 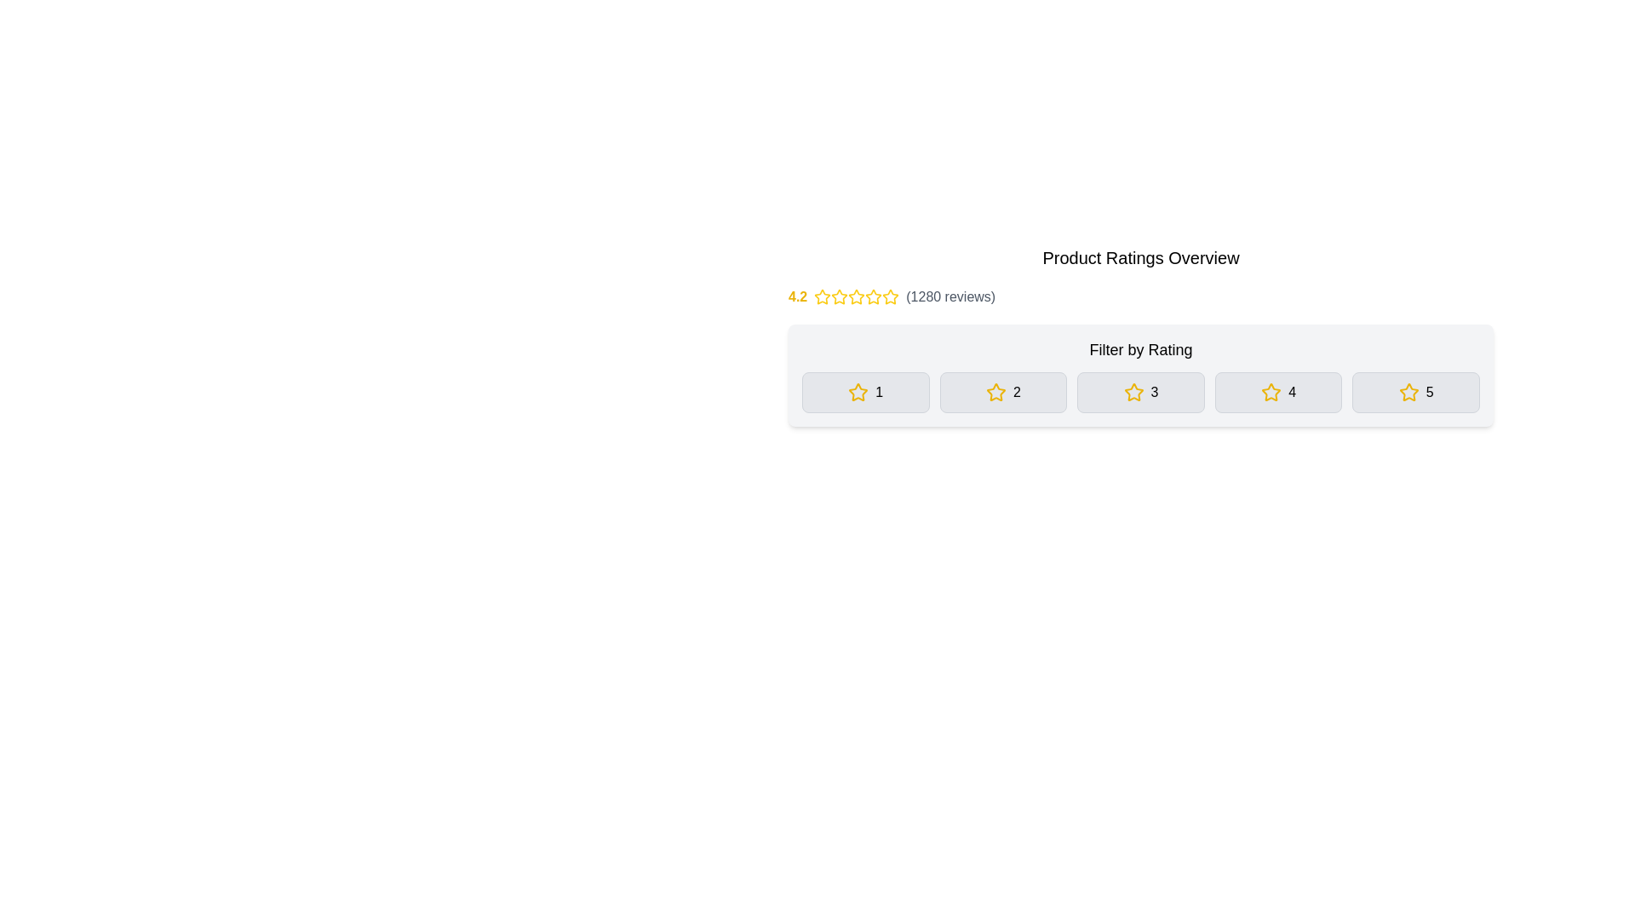 I want to click on the 3-star rating button in the 'Filter by Rating' section, which has a bordered square layout with a yellow star icon beside the text '3', so click(x=1140, y=393).